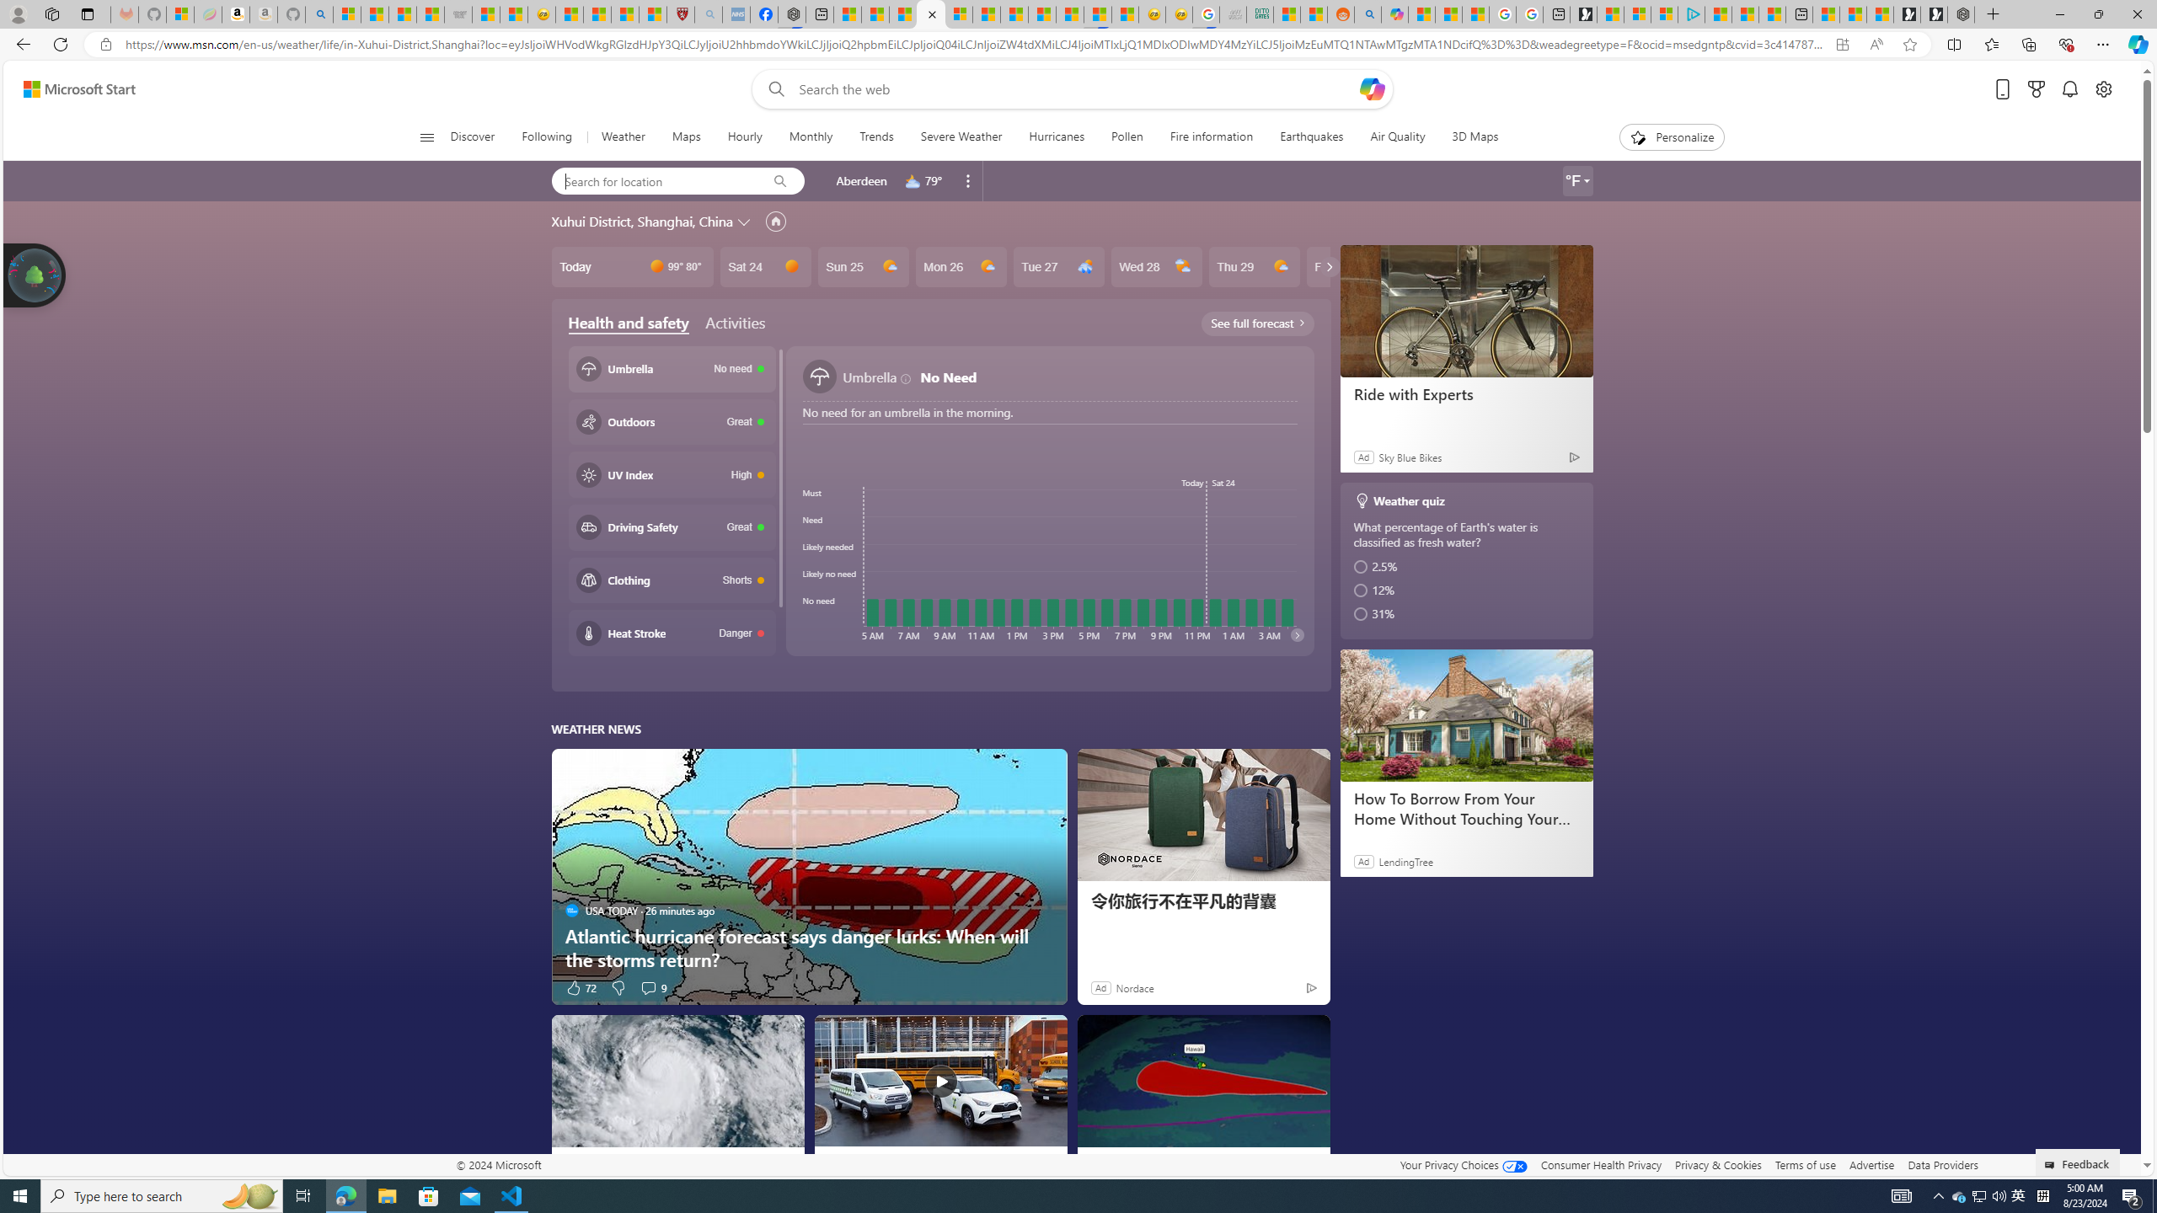 The image size is (2157, 1213). What do you see at coordinates (862, 265) in the screenshot?
I see `'Sun 25'` at bounding box center [862, 265].